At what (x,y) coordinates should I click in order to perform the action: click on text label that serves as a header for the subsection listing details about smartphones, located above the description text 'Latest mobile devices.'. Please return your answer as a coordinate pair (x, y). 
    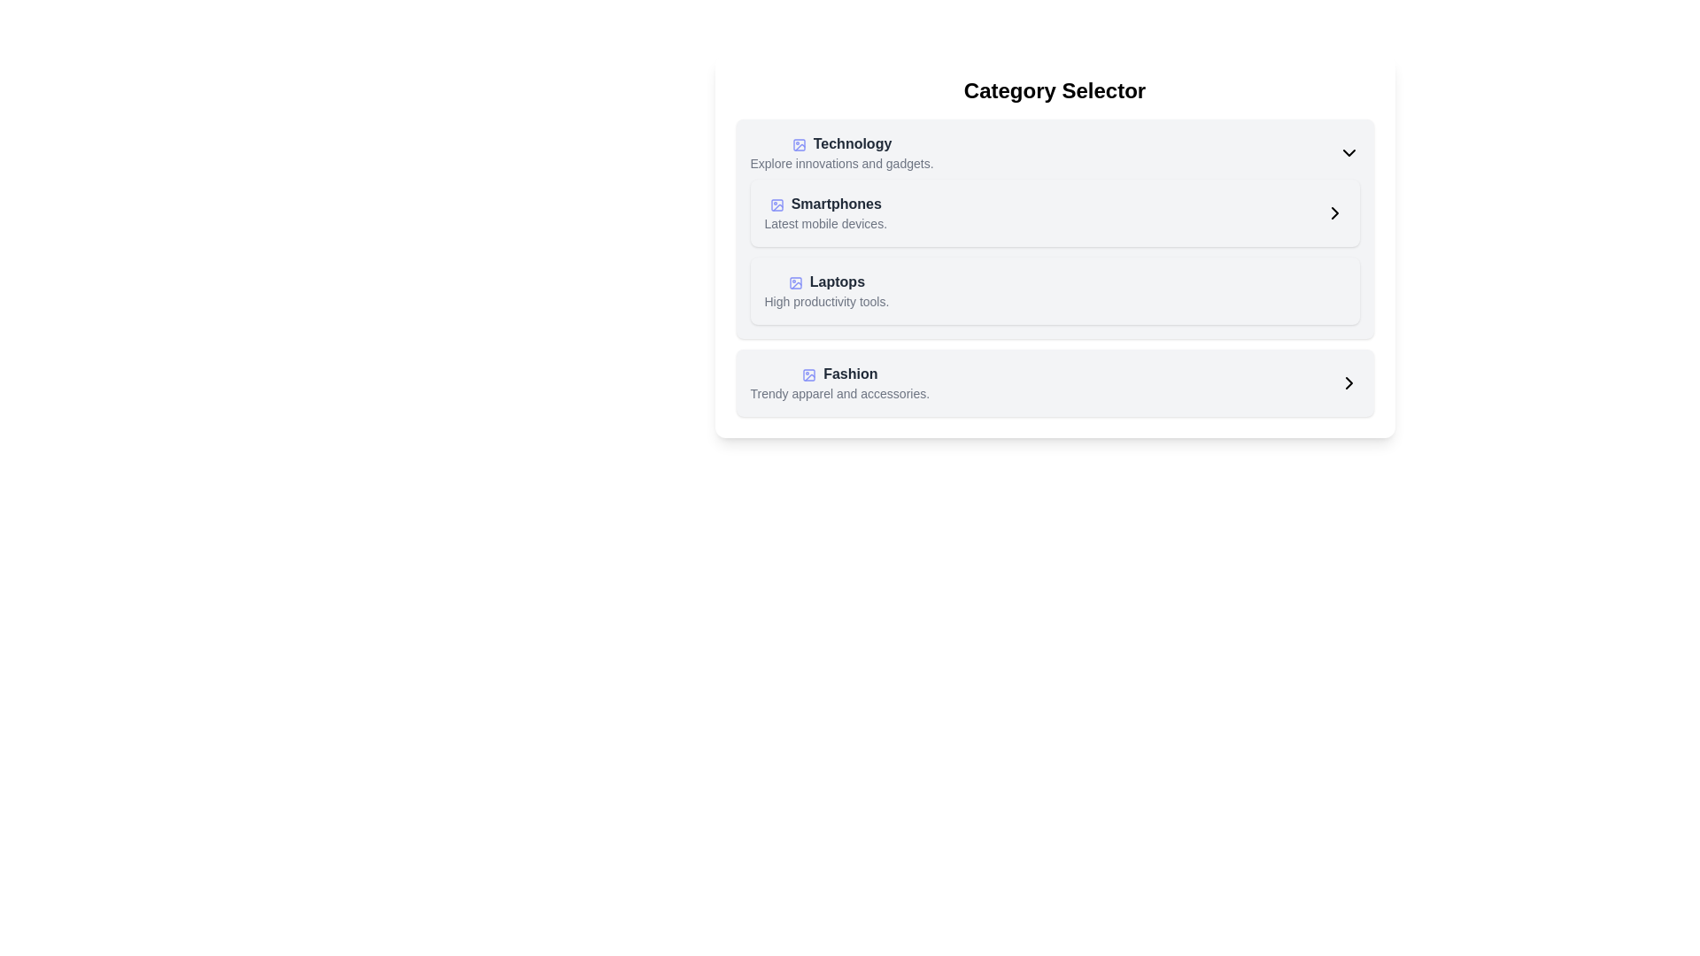
    Looking at the image, I should click on (835, 203).